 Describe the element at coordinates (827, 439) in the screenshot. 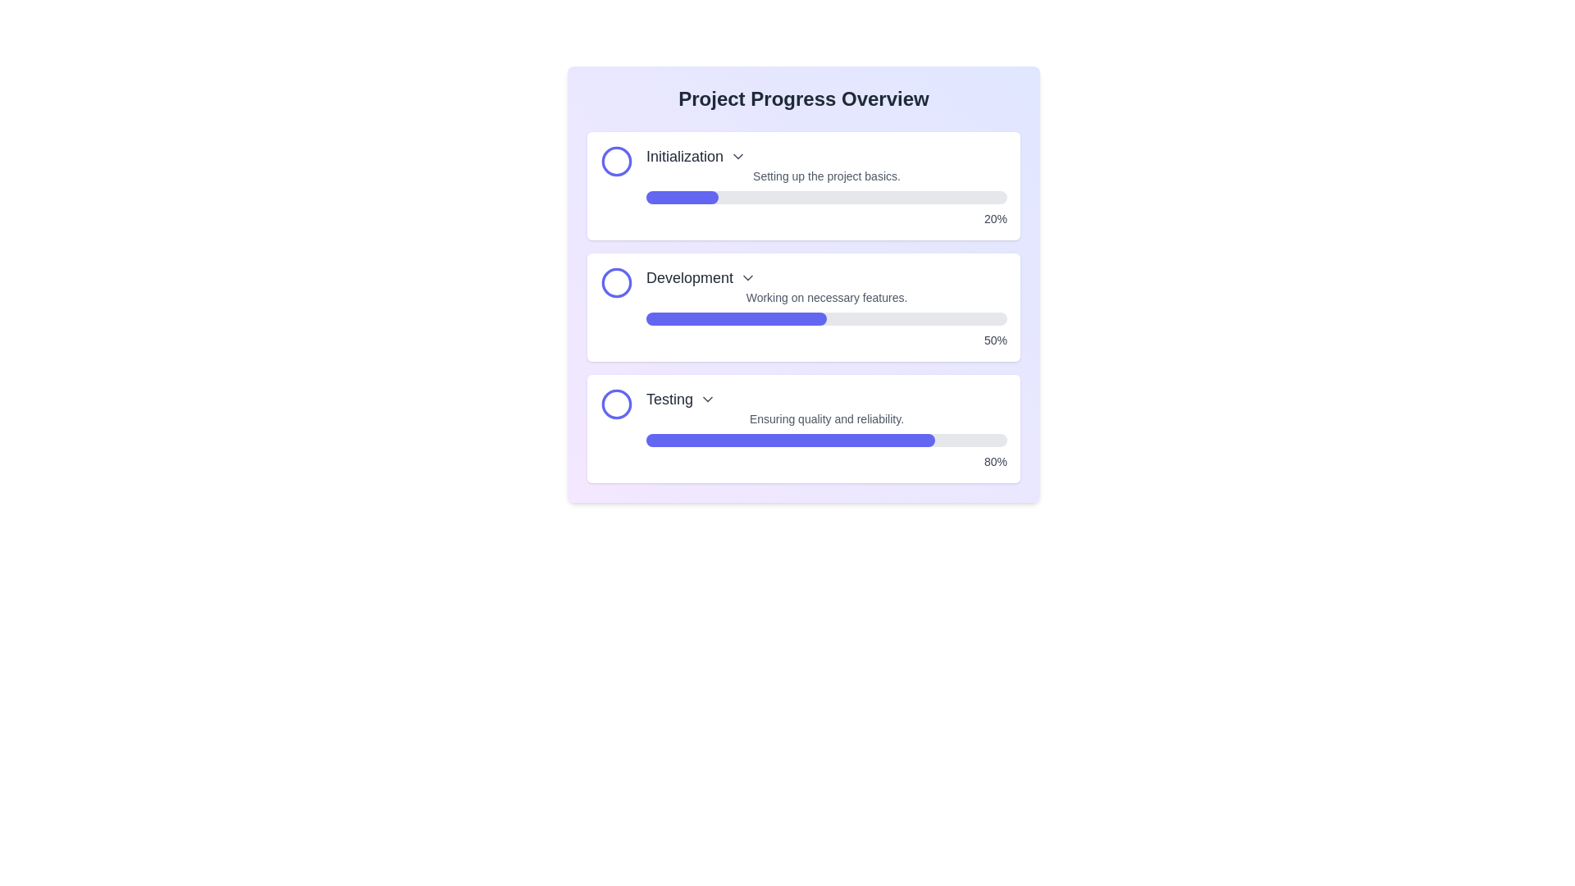

I see `the progress bar located below the text 'Ensuring quality and reliability.' in the 'Testing' section, which indicates an 80% completion level` at that location.